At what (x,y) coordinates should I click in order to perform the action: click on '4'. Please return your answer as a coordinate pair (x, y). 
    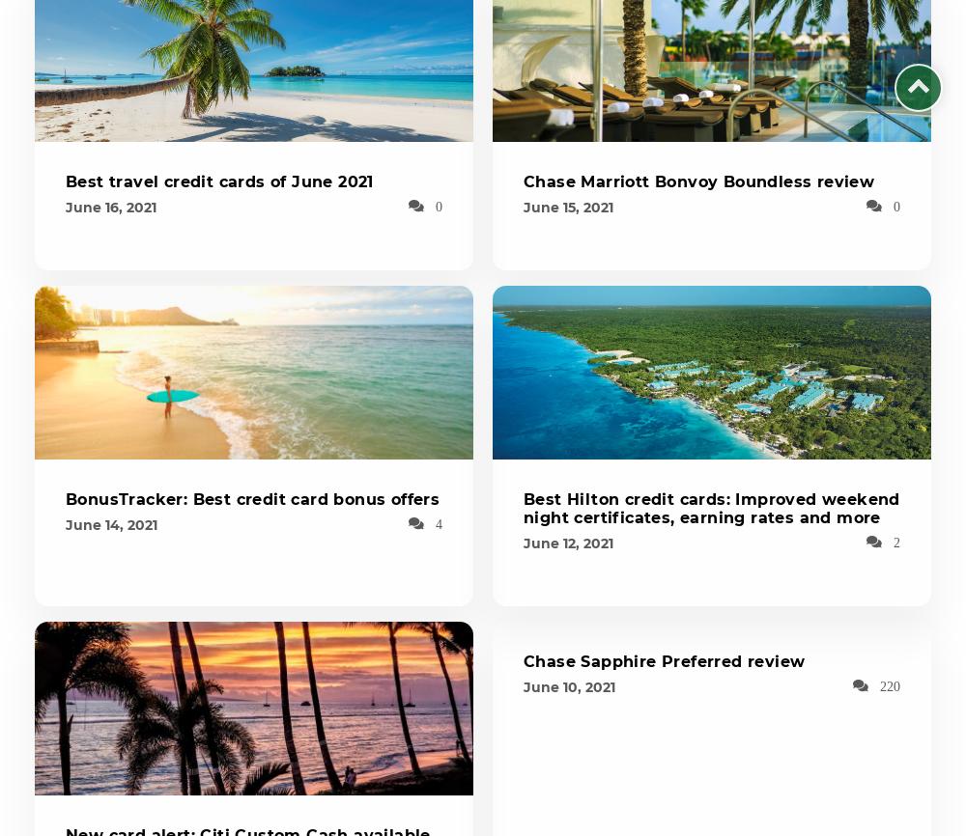
    Looking at the image, I should click on (438, 523).